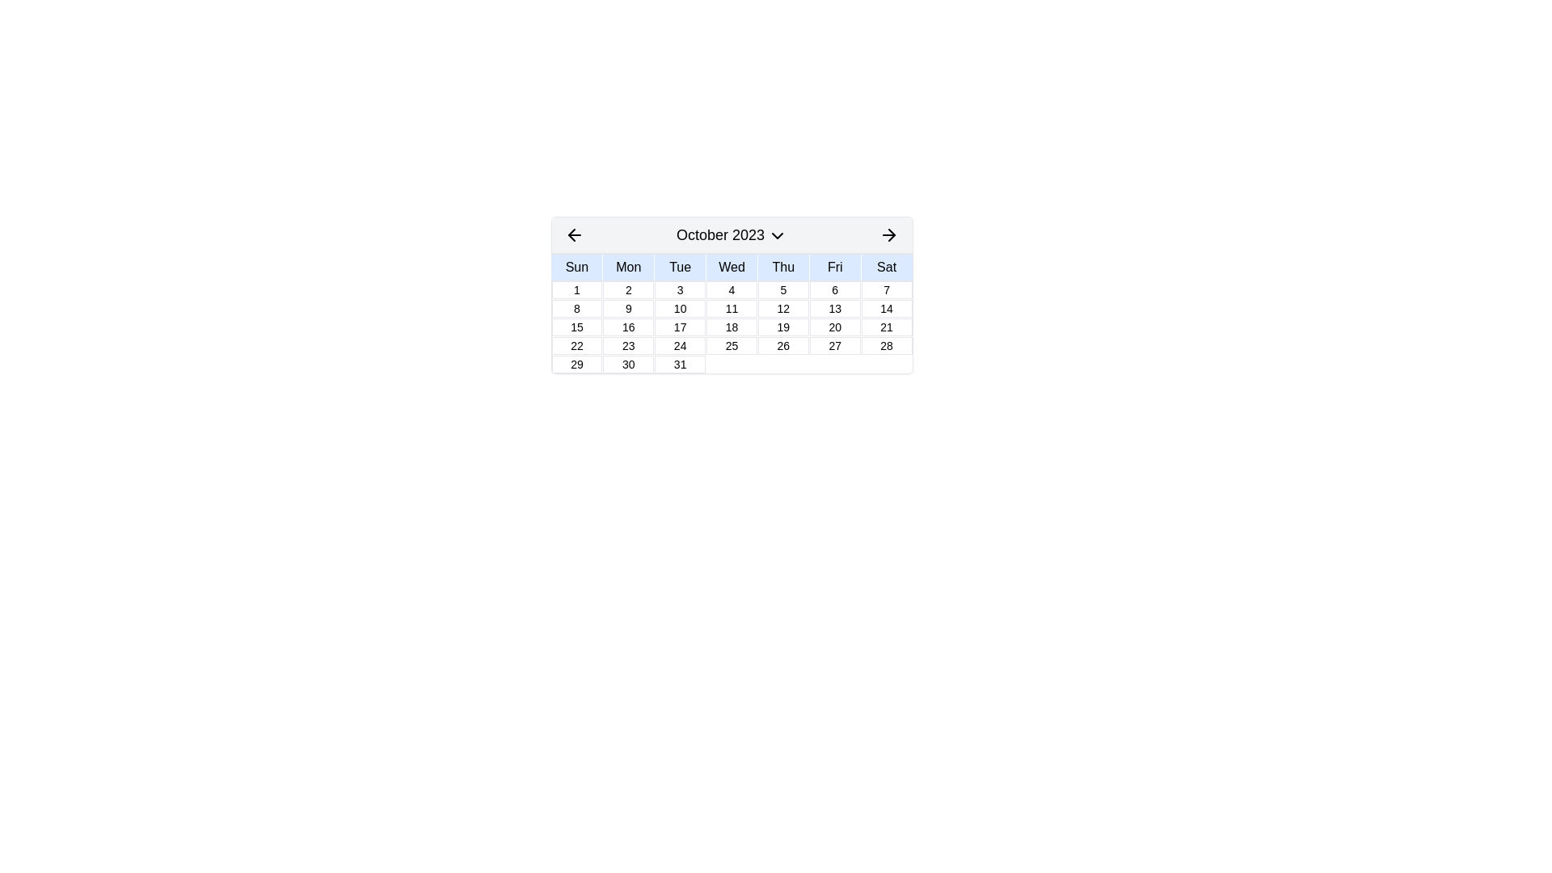 The image size is (1552, 873). Describe the element at coordinates (627, 289) in the screenshot. I see `the Calendar Day Cell representing the second day of the month, located in the second column under the 'Mon' header` at that location.